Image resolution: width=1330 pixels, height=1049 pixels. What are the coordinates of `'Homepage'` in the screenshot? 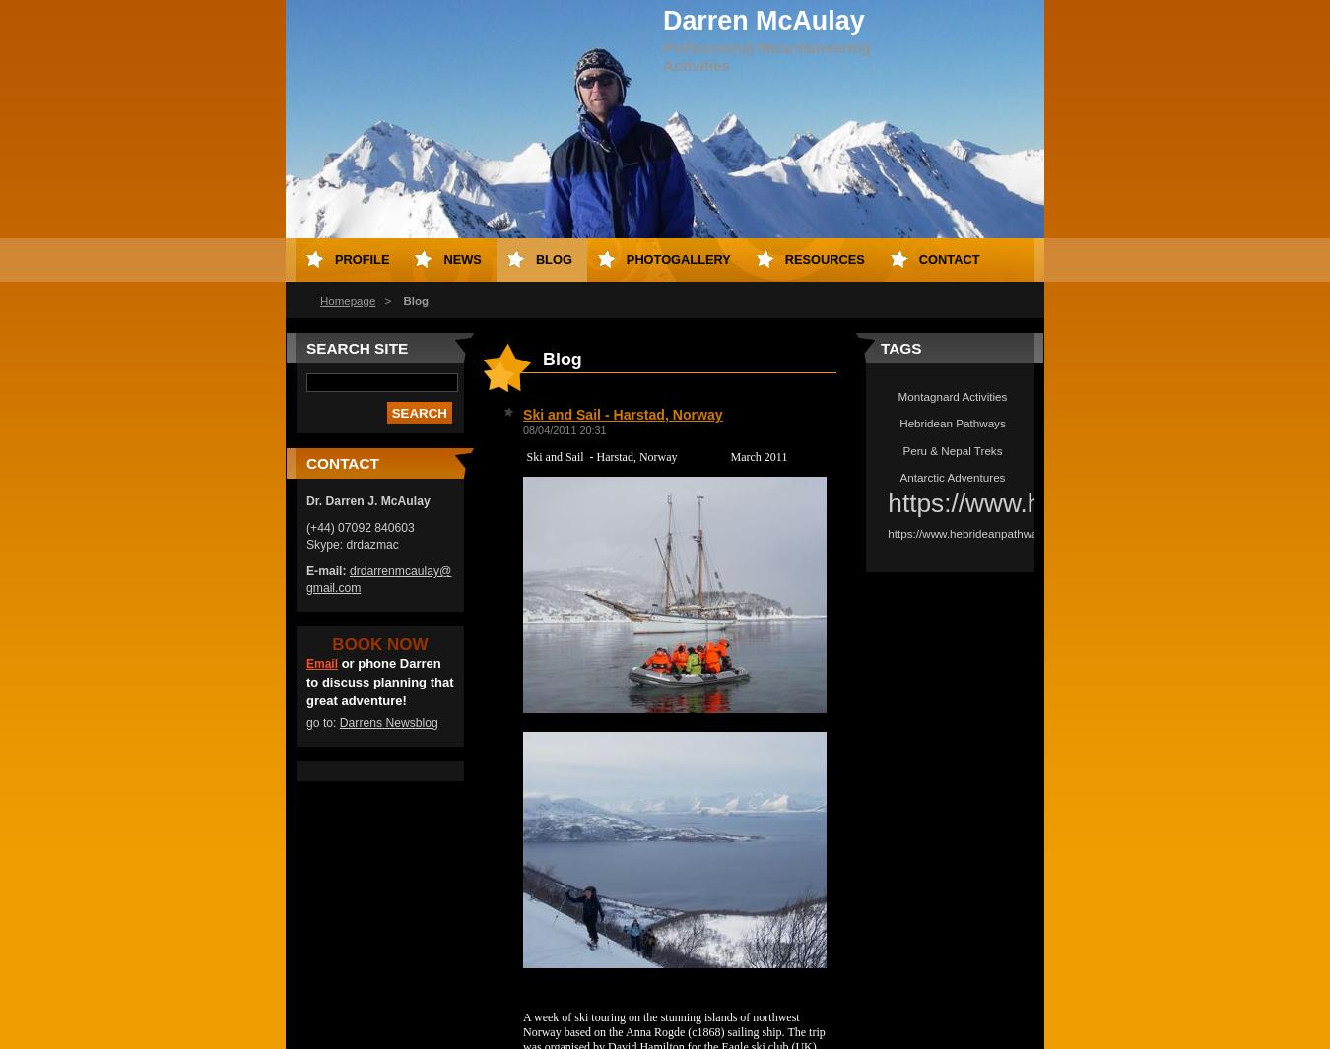 It's located at (348, 299).